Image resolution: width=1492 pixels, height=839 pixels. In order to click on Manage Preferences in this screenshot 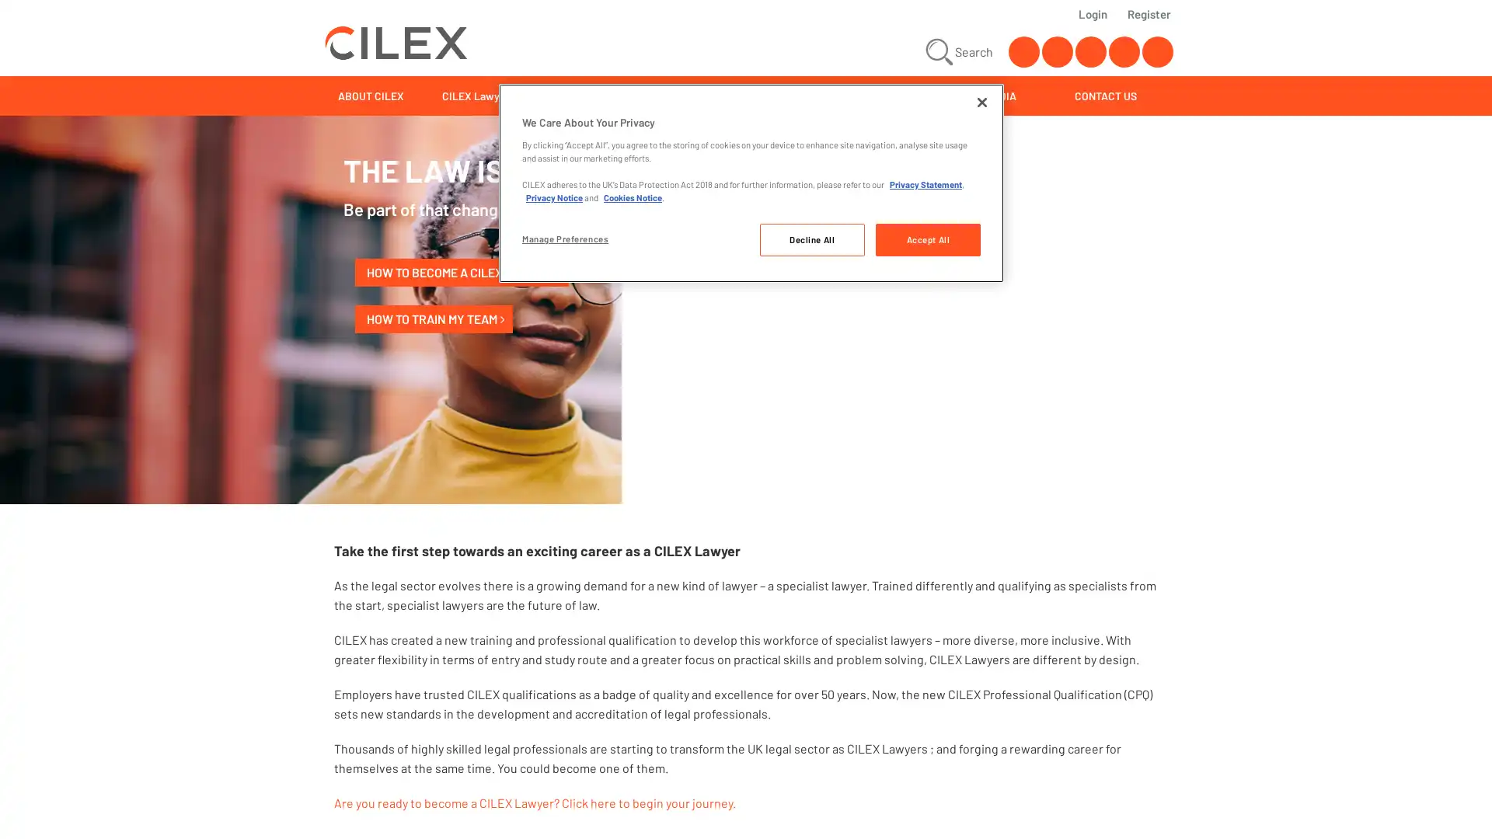, I will do `click(573, 238)`.